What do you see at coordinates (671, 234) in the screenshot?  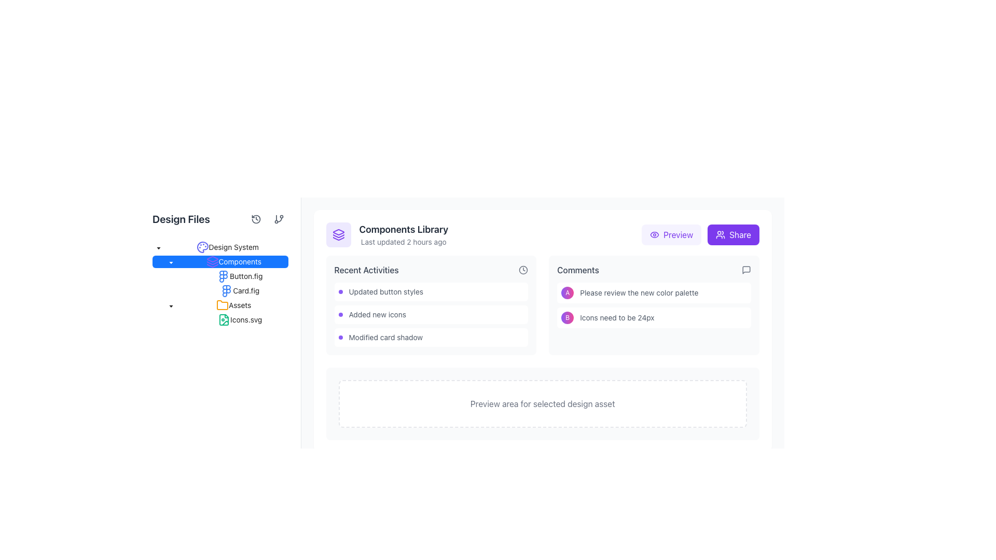 I see `the 'Preview' button with a light violet background and violet text, located in the top-right section of the component library interface` at bounding box center [671, 234].